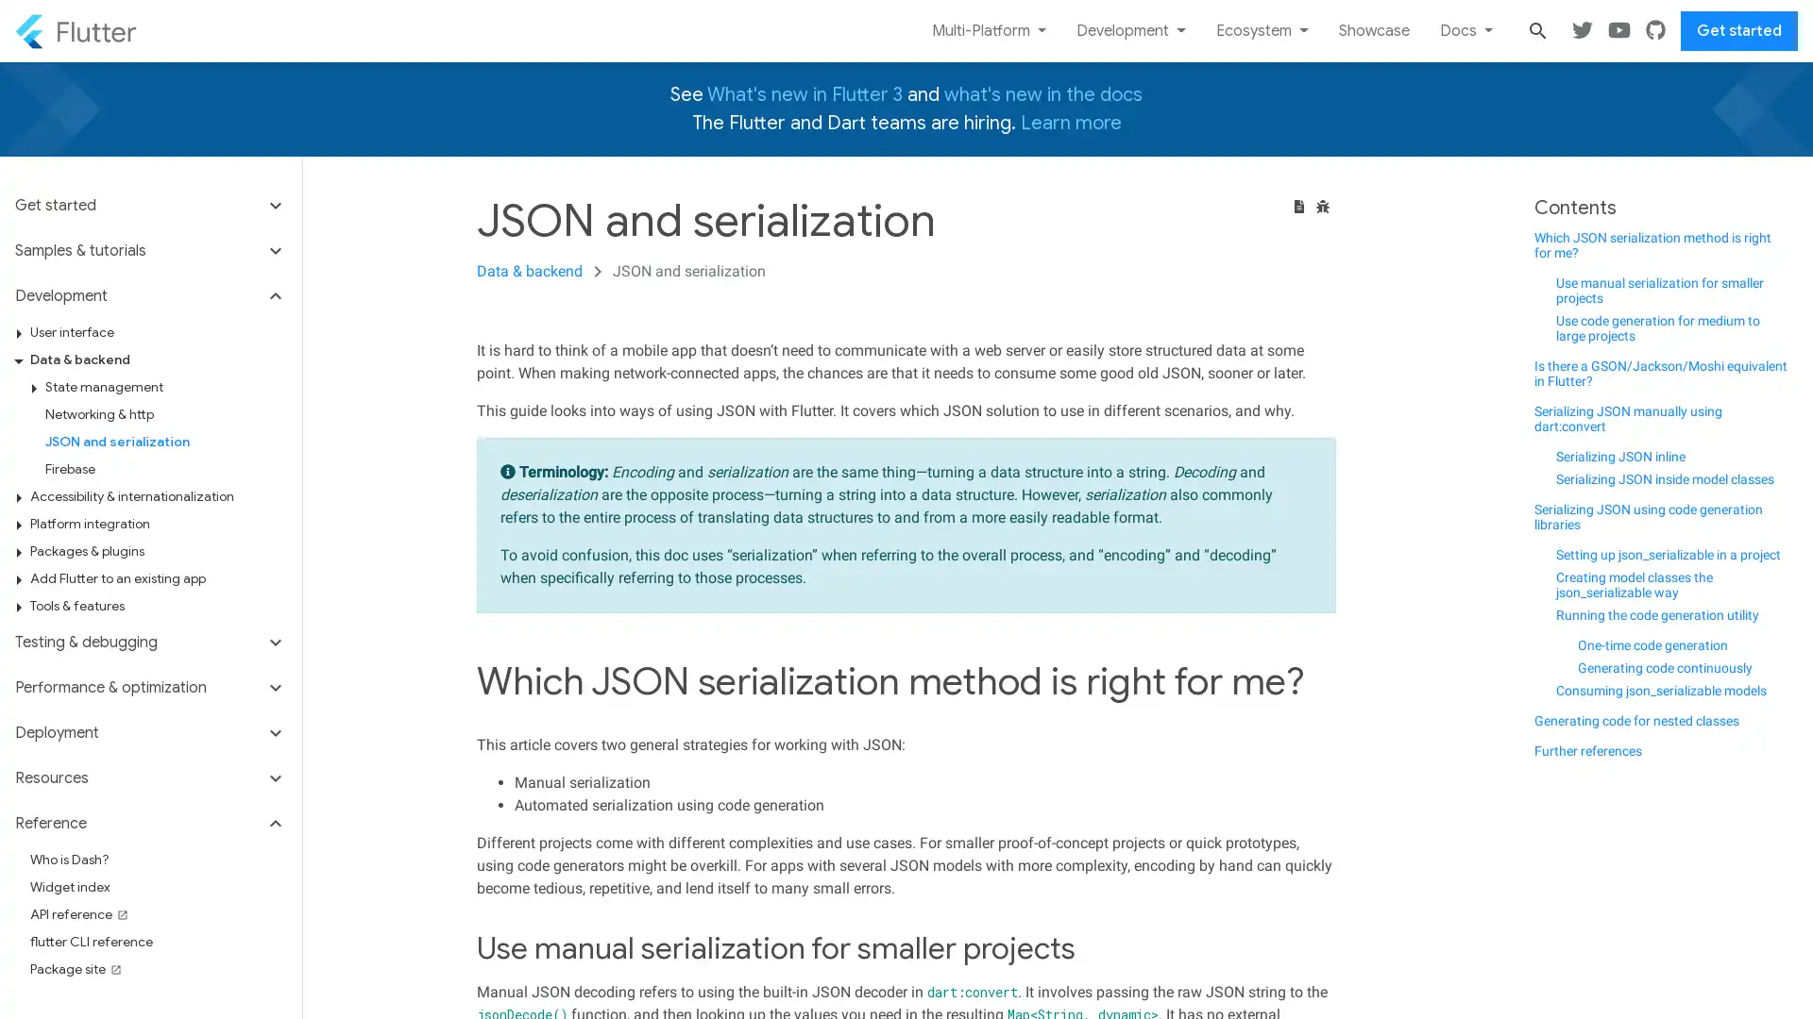 This screenshot has height=1019, width=1813. I want to click on Testing & debugging keyboard_arrow_down, so click(149, 642).